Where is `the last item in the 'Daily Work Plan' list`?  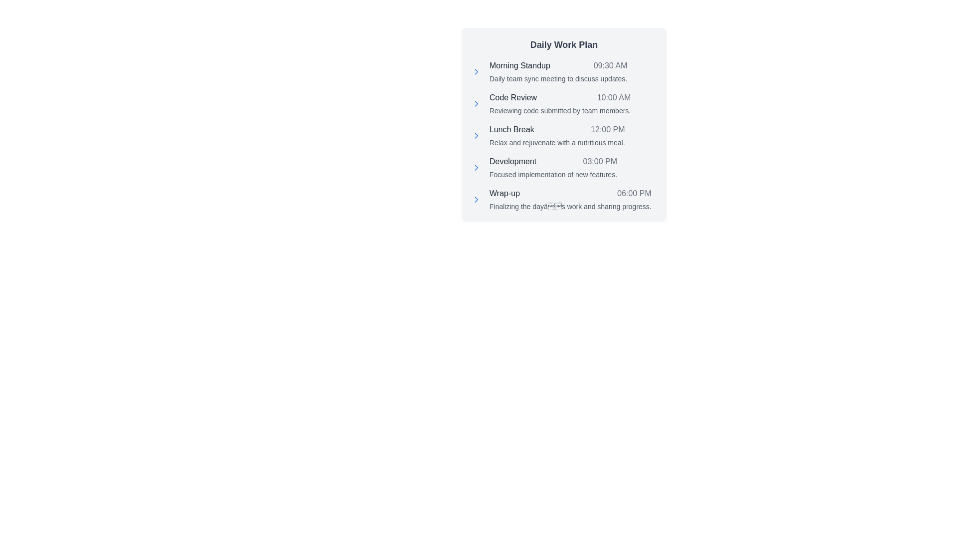
the last item in the 'Daily Work Plan' list is located at coordinates (564, 200).